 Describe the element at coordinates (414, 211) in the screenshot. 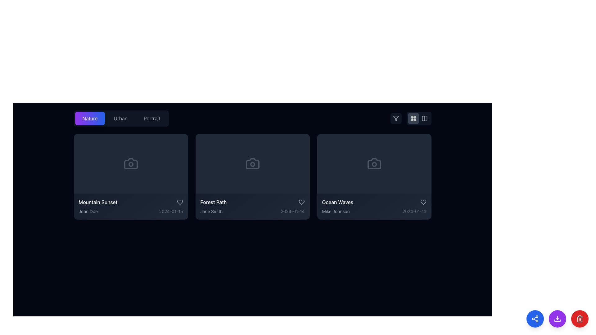

I see `the informational text label displaying the date associated with the 'Ocean Waves' card, located in the bottom right corner adjacent to 'Mike Johnson'` at that location.